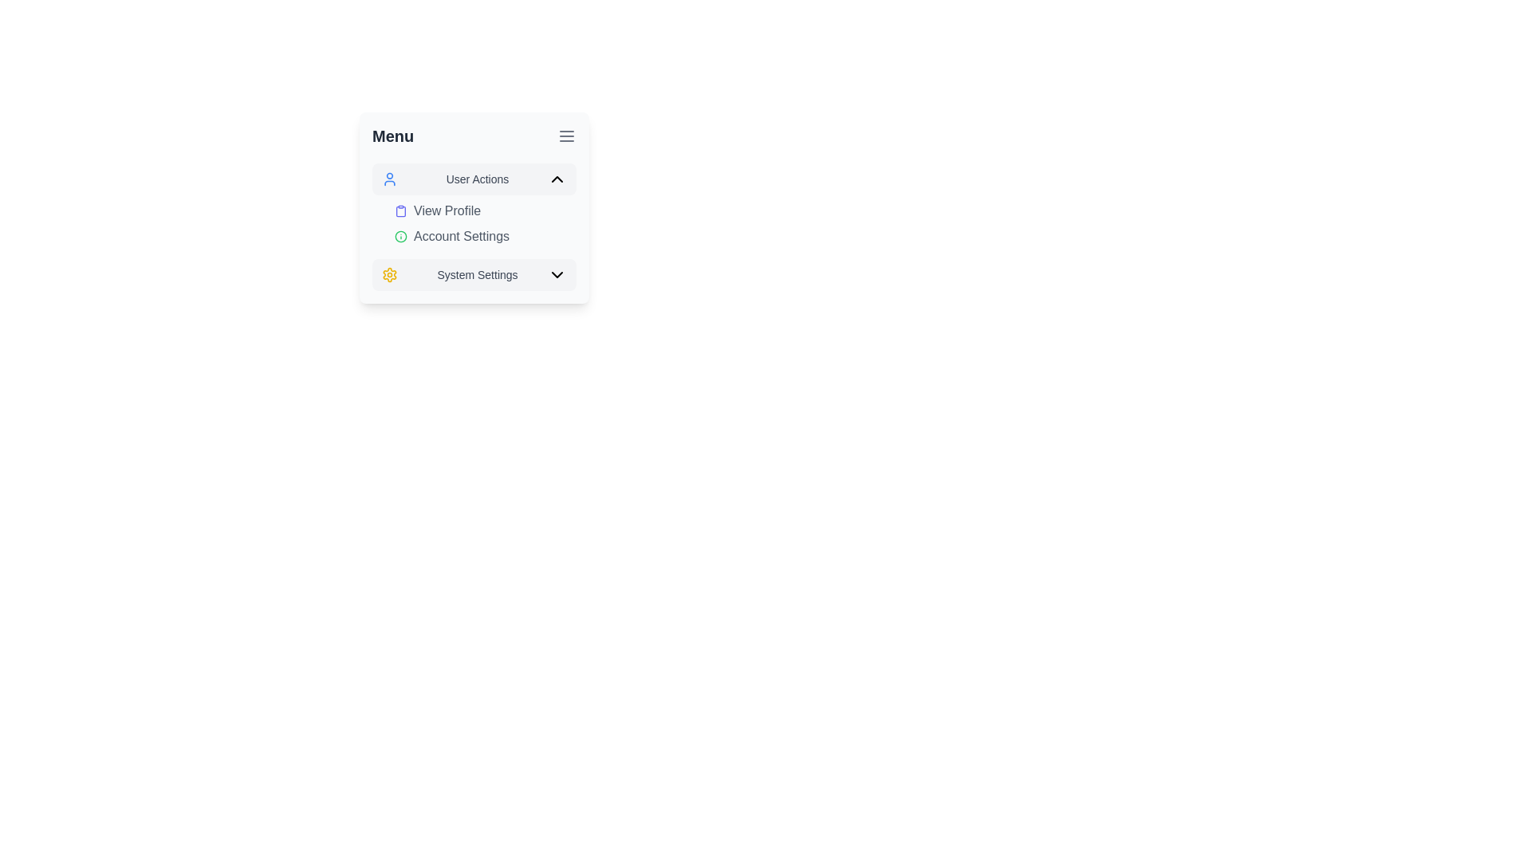 This screenshot has height=861, width=1531. Describe the element at coordinates (401, 237) in the screenshot. I see `the 'Account Settings' icon, which visually represents the menu option for account settings. This icon is positioned to the left of the text 'Account Settings' in a dropdown menu` at that location.